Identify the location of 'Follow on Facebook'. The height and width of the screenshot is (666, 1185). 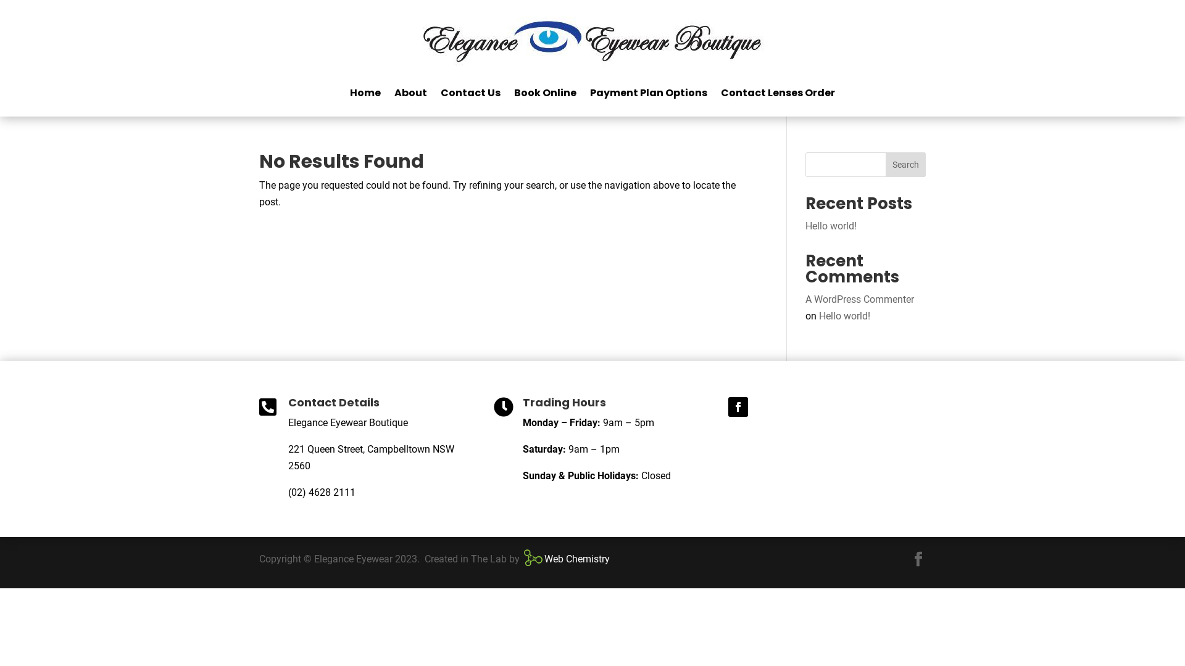
(738, 406).